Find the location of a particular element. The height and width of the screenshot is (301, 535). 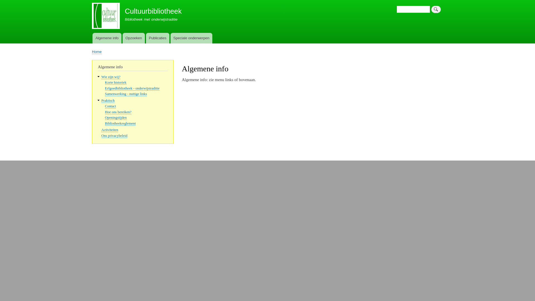

'Korte historiek' is located at coordinates (105, 82).